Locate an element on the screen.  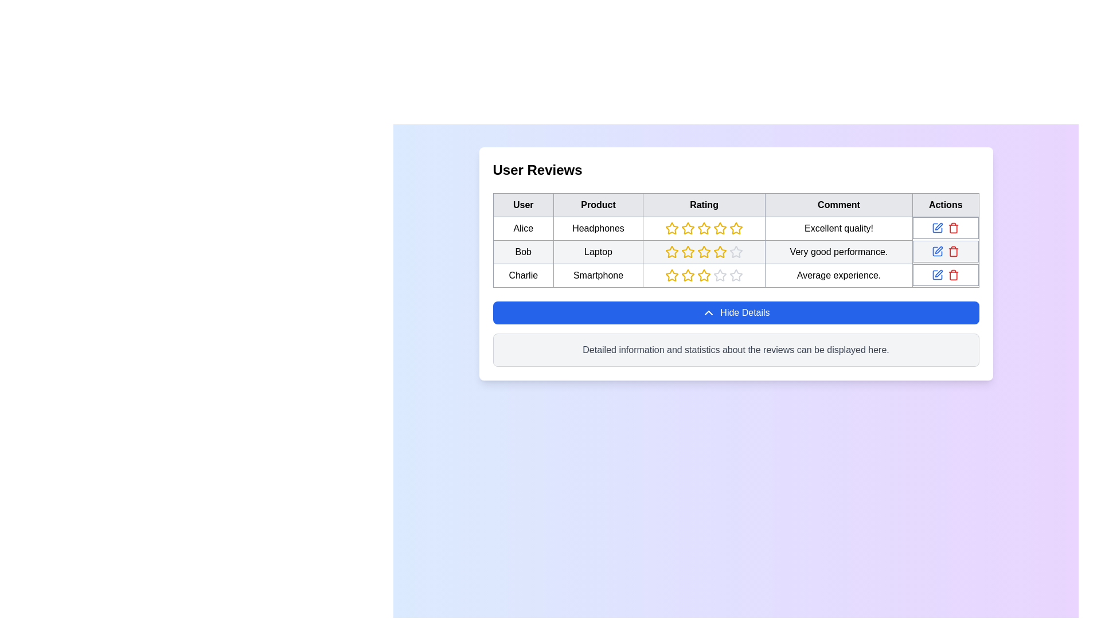
the rating value by interacting with the third star icon in the rating column for the product 'Laptop' is located at coordinates (688, 251).